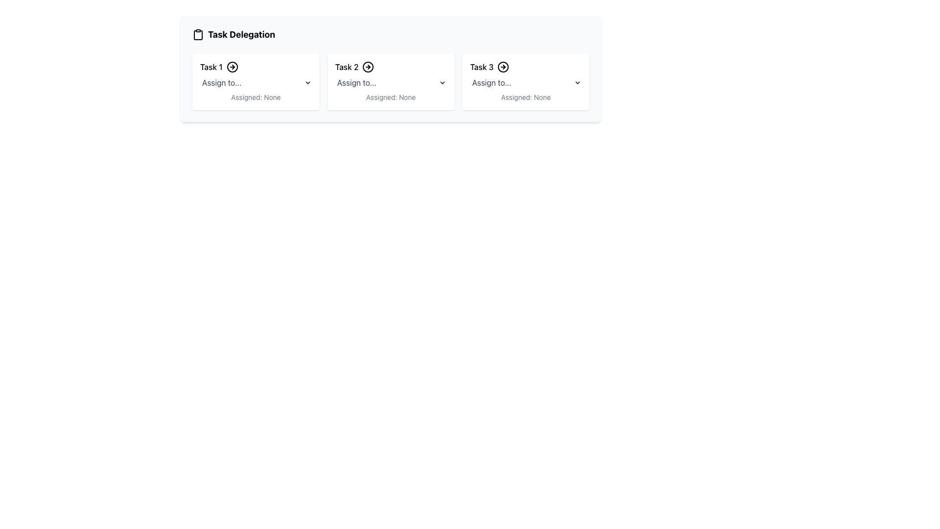 The image size is (940, 529). I want to click on the clipboard icon located at the far left of the 'Task Delegation' header, so click(197, 34).